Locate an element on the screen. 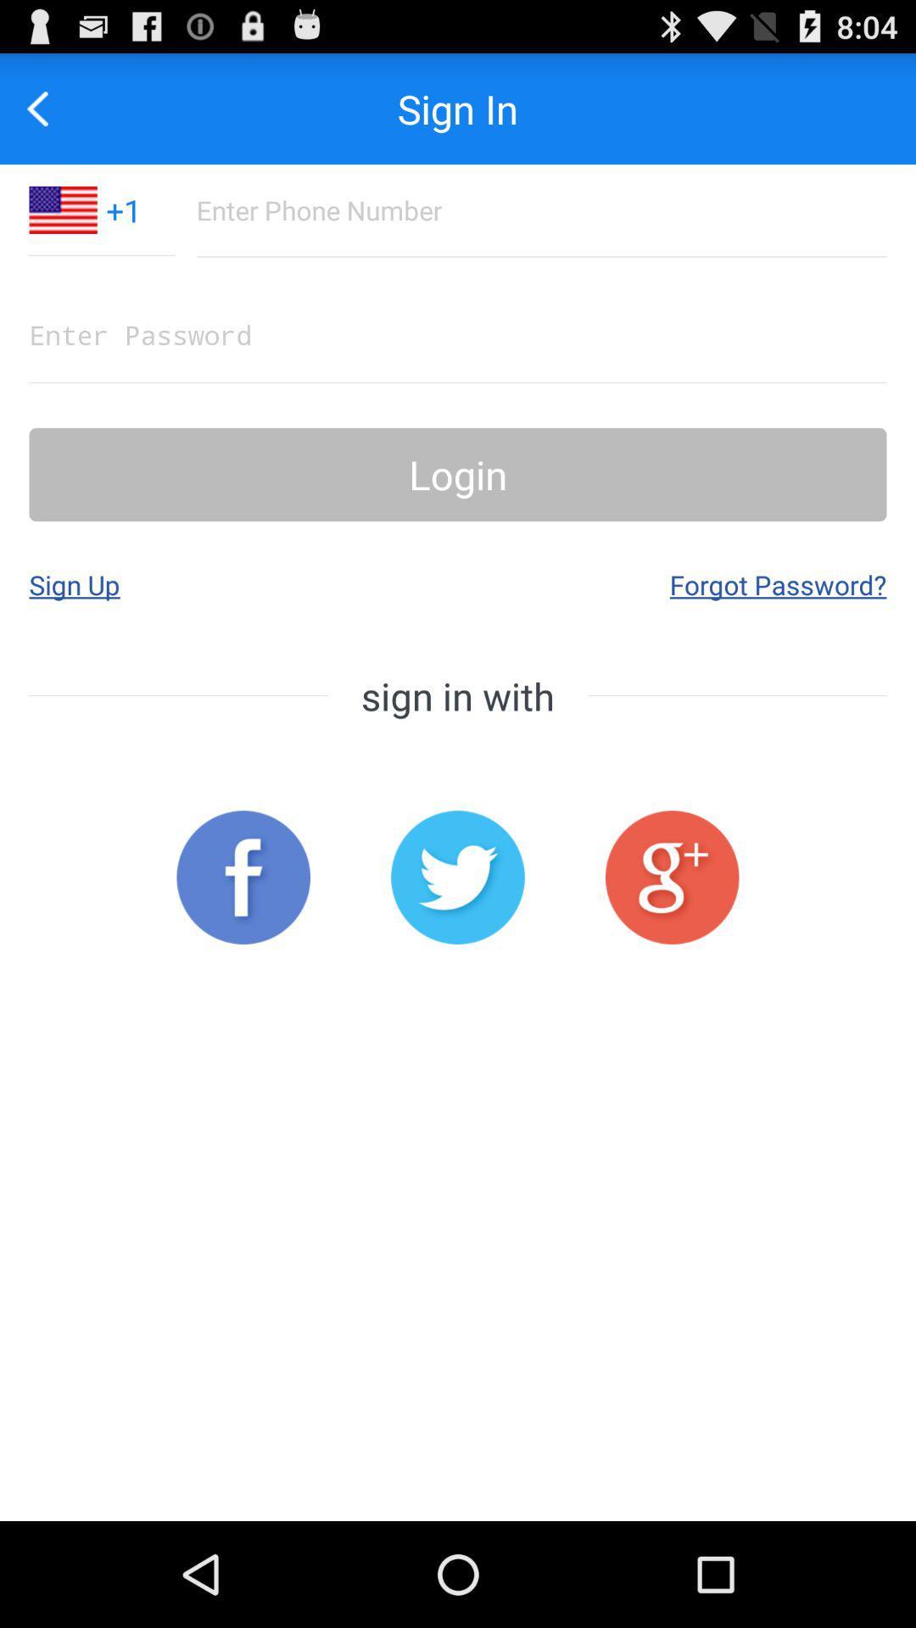  text box is located at coordinates (458, 334).